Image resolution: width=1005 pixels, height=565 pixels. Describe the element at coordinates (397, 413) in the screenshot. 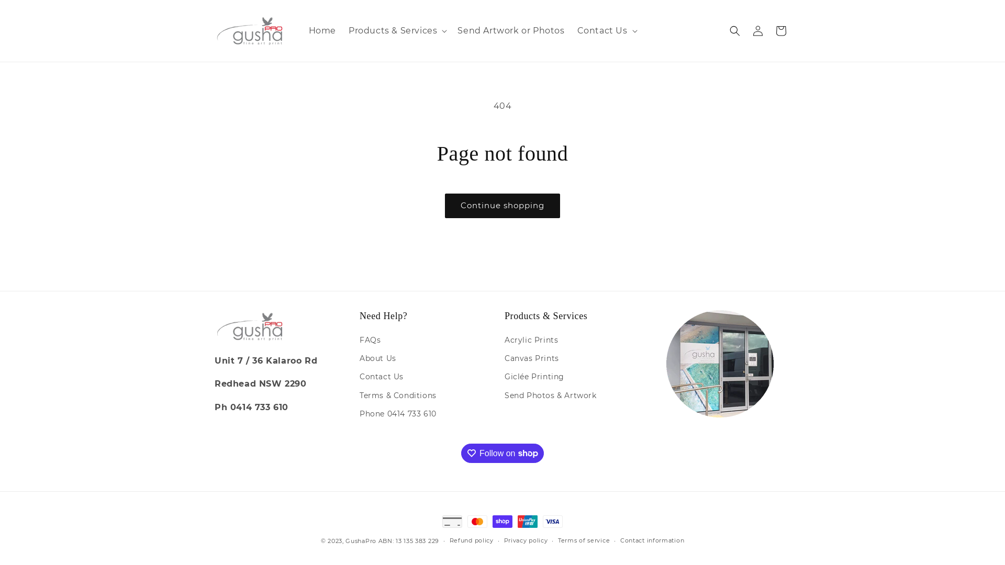

I see `'Phone 0414 733 610'` at that location.